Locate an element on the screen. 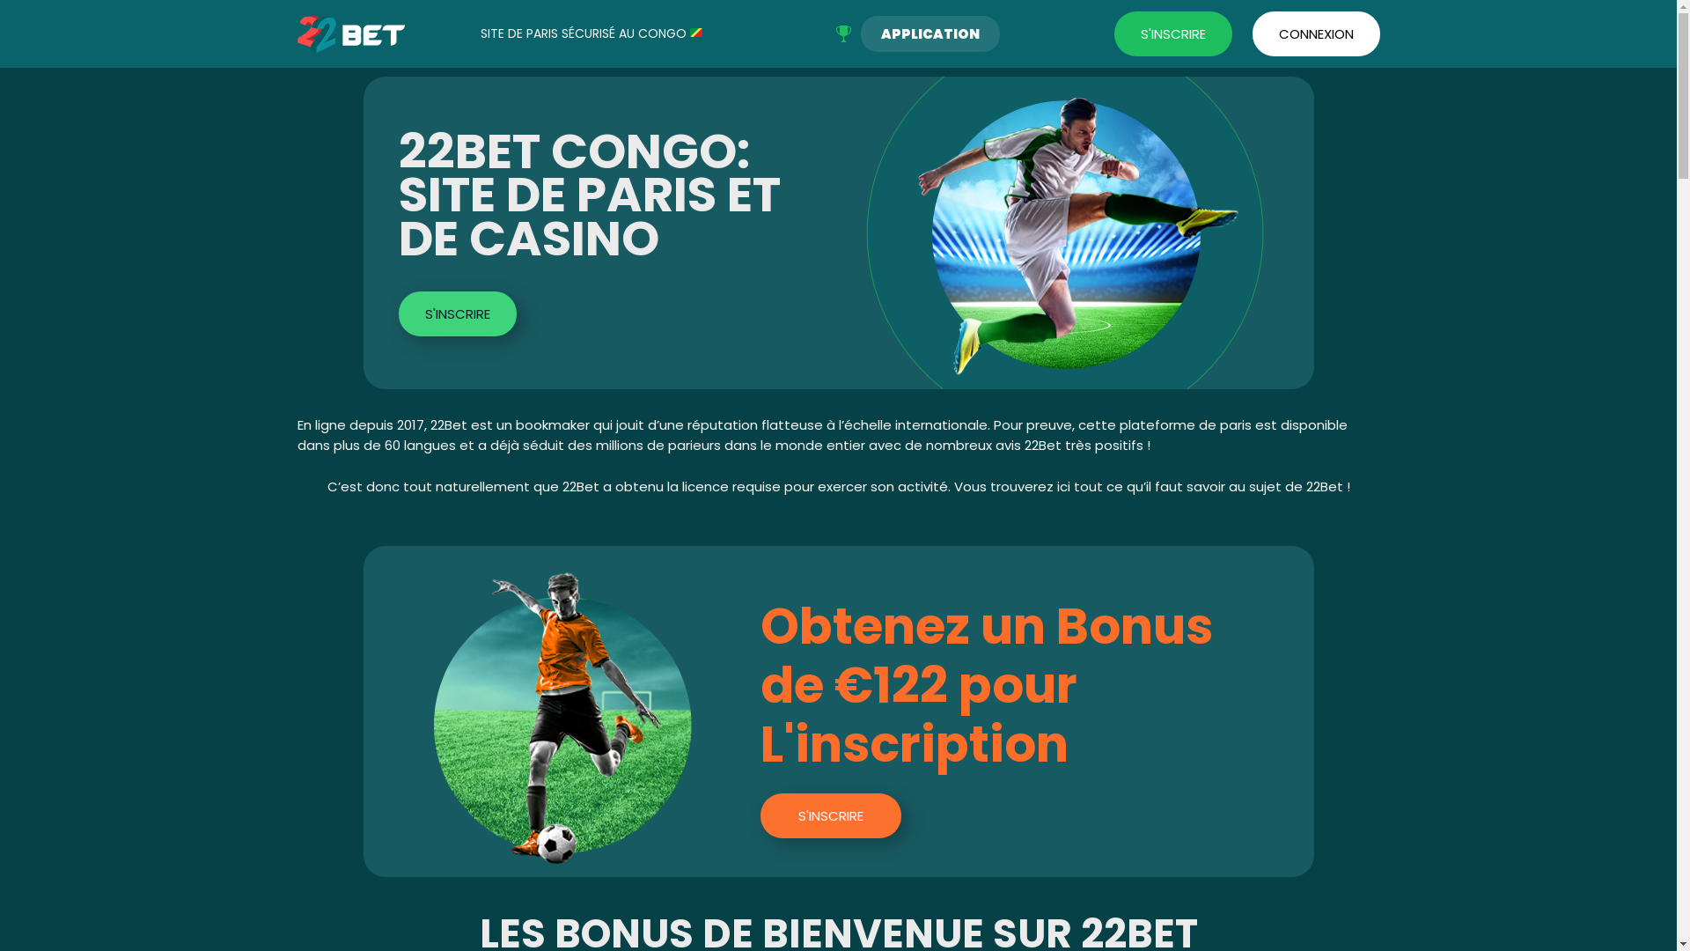 This screenshot has width=1690, height=951. 'CONNEXION' is located at coordinates (1315, 33).